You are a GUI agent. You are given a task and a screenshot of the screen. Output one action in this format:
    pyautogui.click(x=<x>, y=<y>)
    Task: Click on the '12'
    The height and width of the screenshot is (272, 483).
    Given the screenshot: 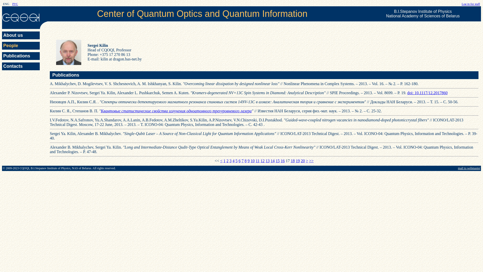 What is the action you would take?
    pyautogui.click(x=262, y=161)
    